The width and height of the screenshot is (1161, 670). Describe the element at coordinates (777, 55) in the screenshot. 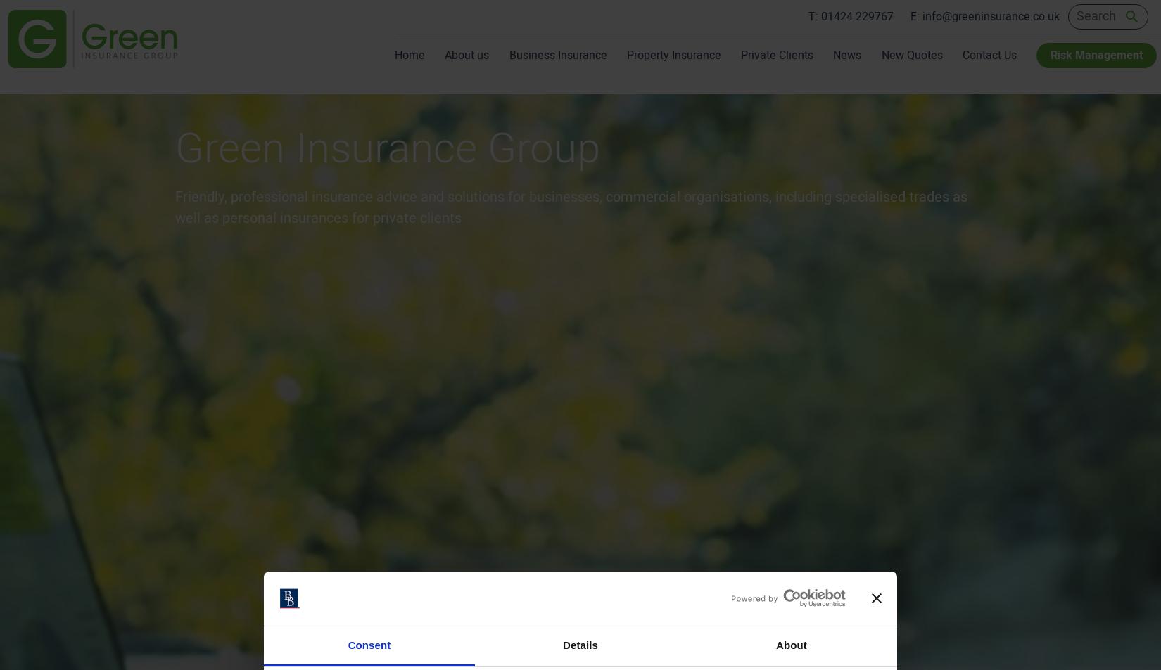

I see `'Private Clients'` at that location.